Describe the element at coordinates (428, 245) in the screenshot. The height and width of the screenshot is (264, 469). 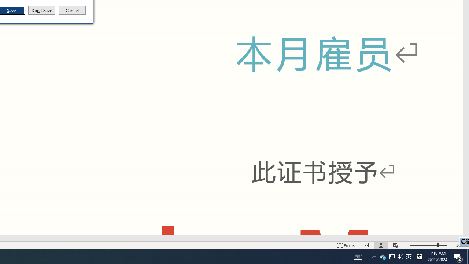
I see `'Tray Input Indicator - Chinese (Simplified, China)'` at that location.